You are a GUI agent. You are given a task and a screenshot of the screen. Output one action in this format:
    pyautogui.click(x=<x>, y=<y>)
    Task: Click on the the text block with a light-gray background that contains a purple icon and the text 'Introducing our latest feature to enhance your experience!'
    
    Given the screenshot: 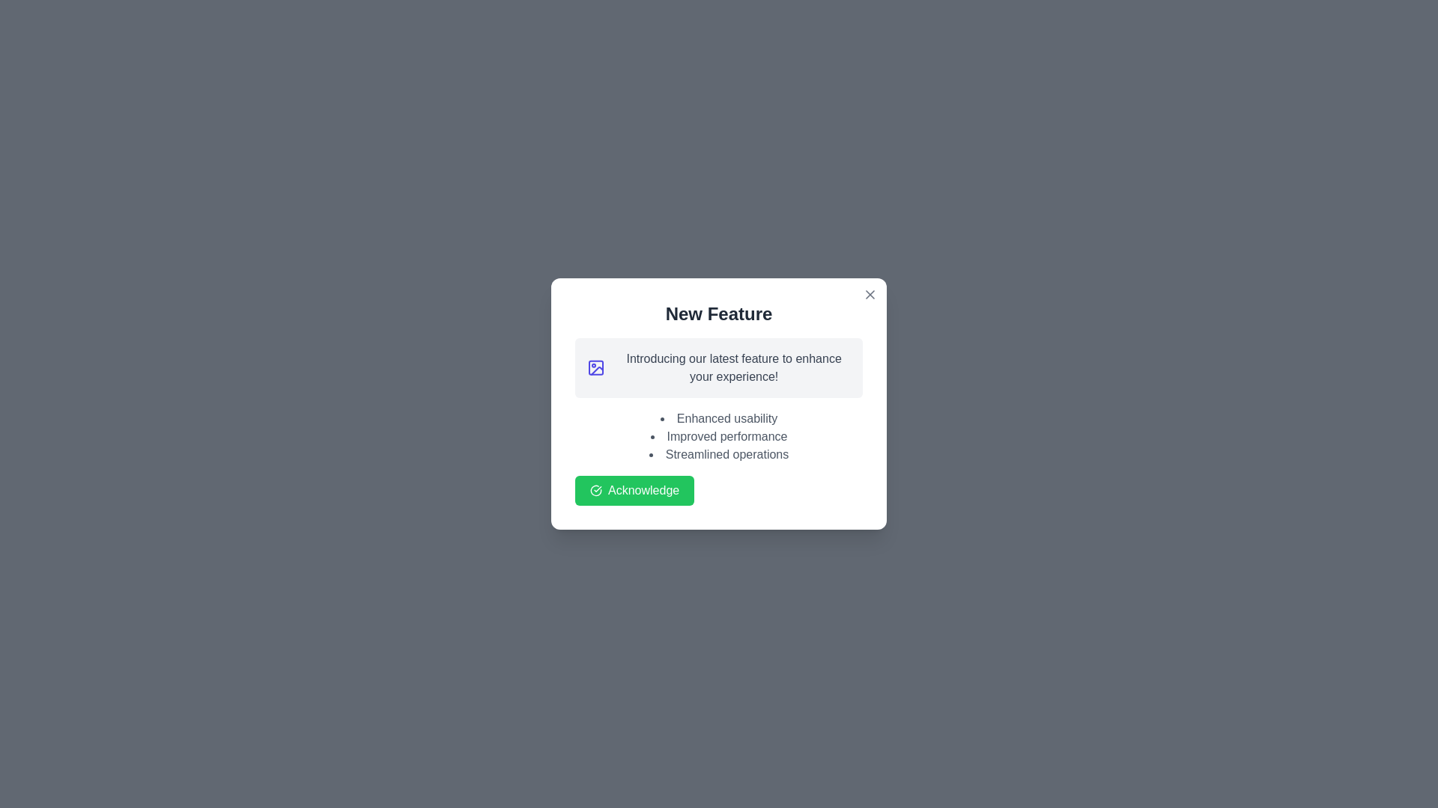 What is the action you would take?
    pyautogui.click(x=719, y=368)
    